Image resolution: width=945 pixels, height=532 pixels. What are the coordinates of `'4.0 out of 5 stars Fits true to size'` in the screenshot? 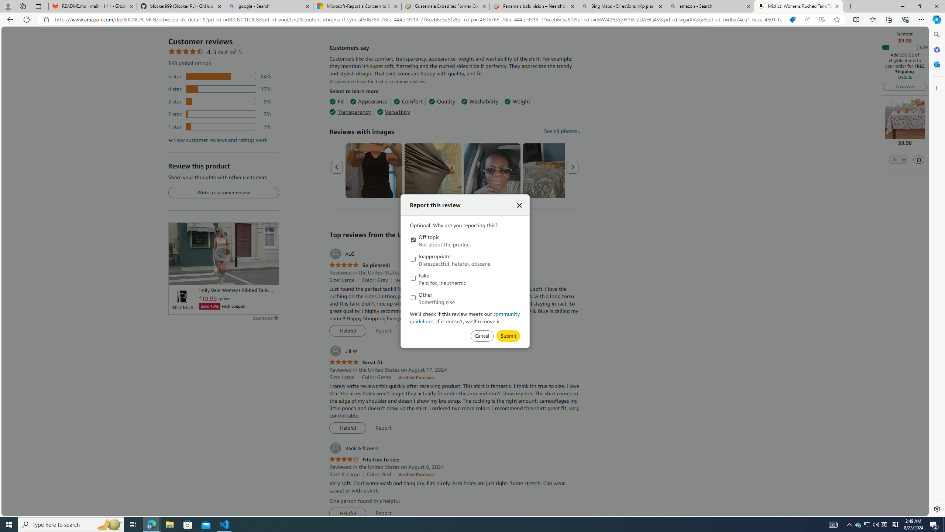 It's located at (364, 460).